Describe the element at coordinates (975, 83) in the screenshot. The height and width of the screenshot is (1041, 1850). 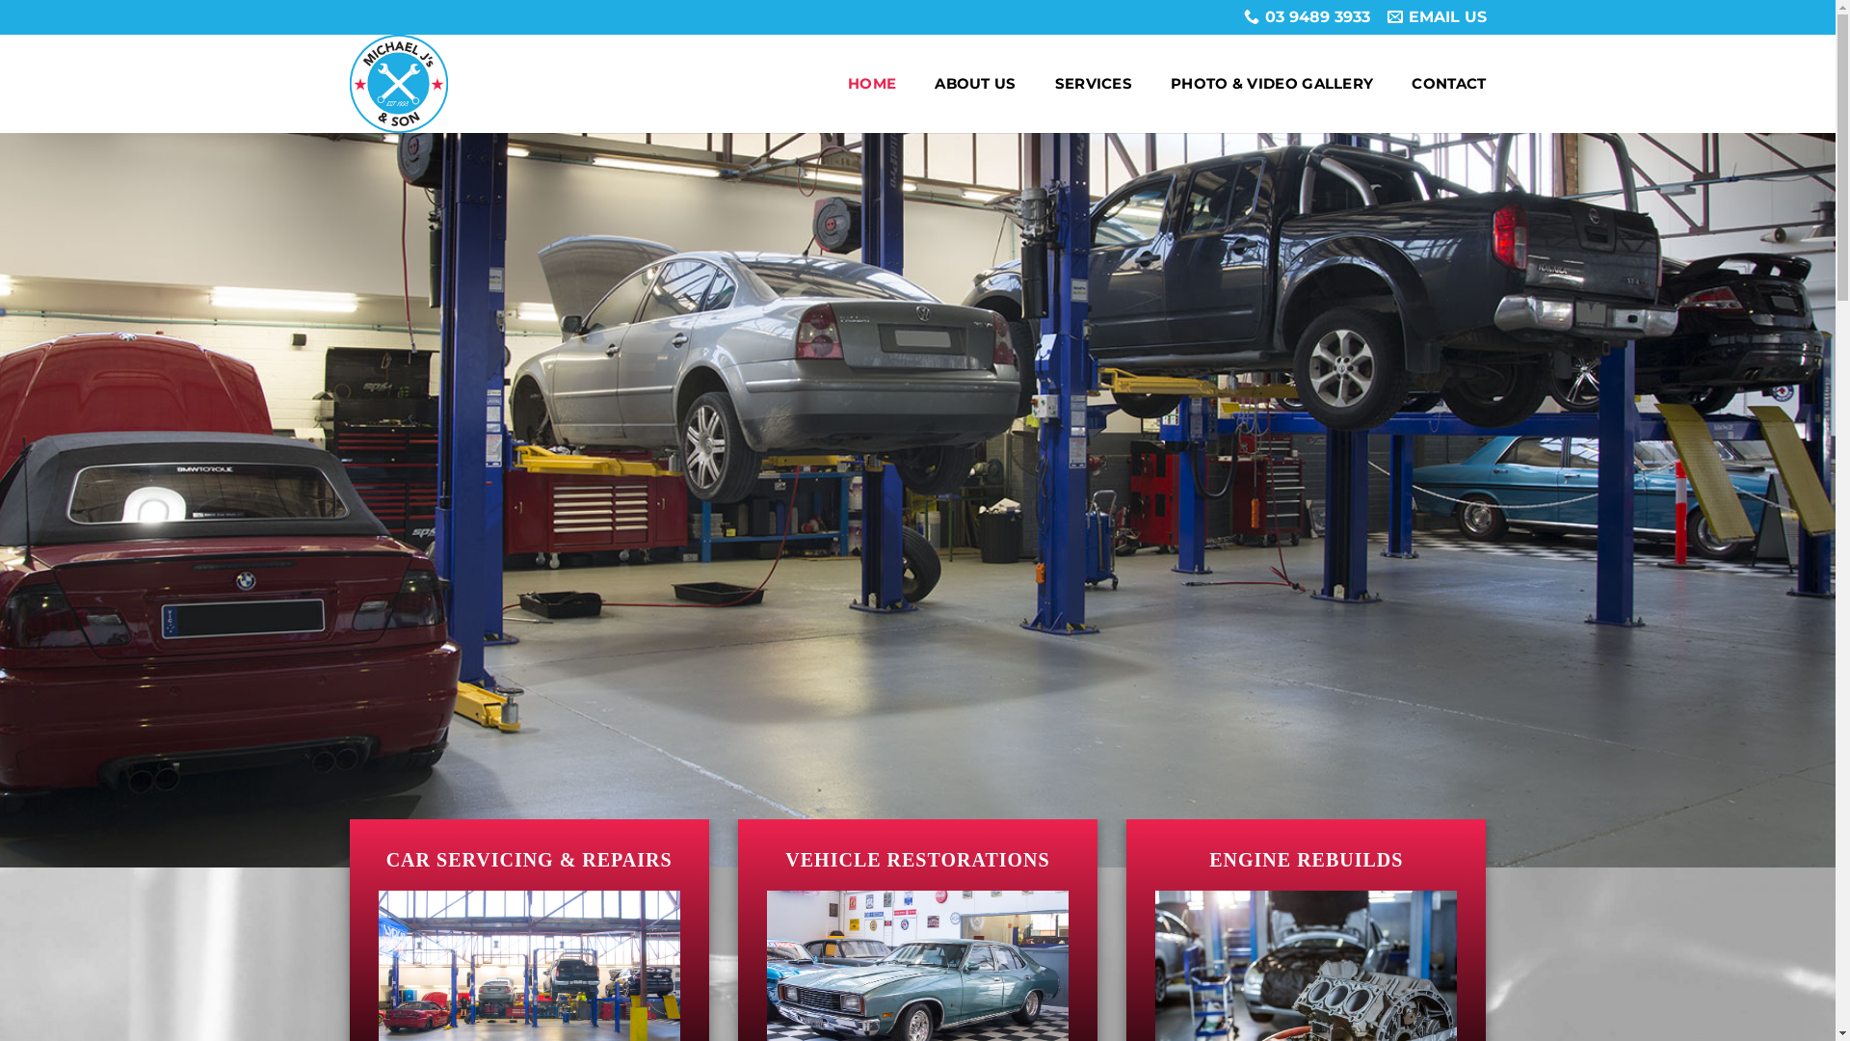
I see `'ABOUT US'` at that location.